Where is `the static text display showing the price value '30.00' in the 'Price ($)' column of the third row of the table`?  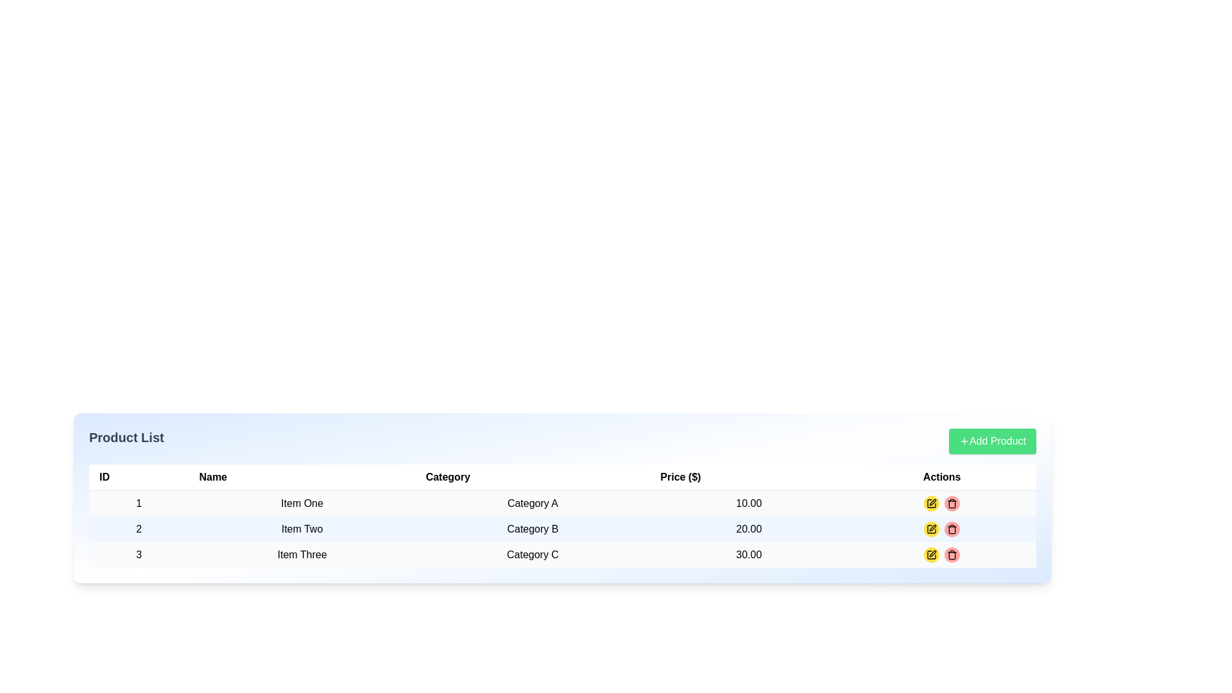 the static text display showing the price value '30.00' in the 'Price ($)' column of the third row of the table is located at coordinates (749, 554).